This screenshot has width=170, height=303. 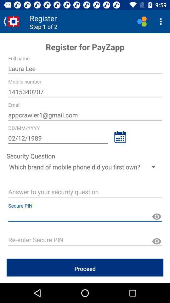 What do you see at coordinates (85, 192) in the screenshot?
I see `type your security question answer` at bounding box center [85, 192].